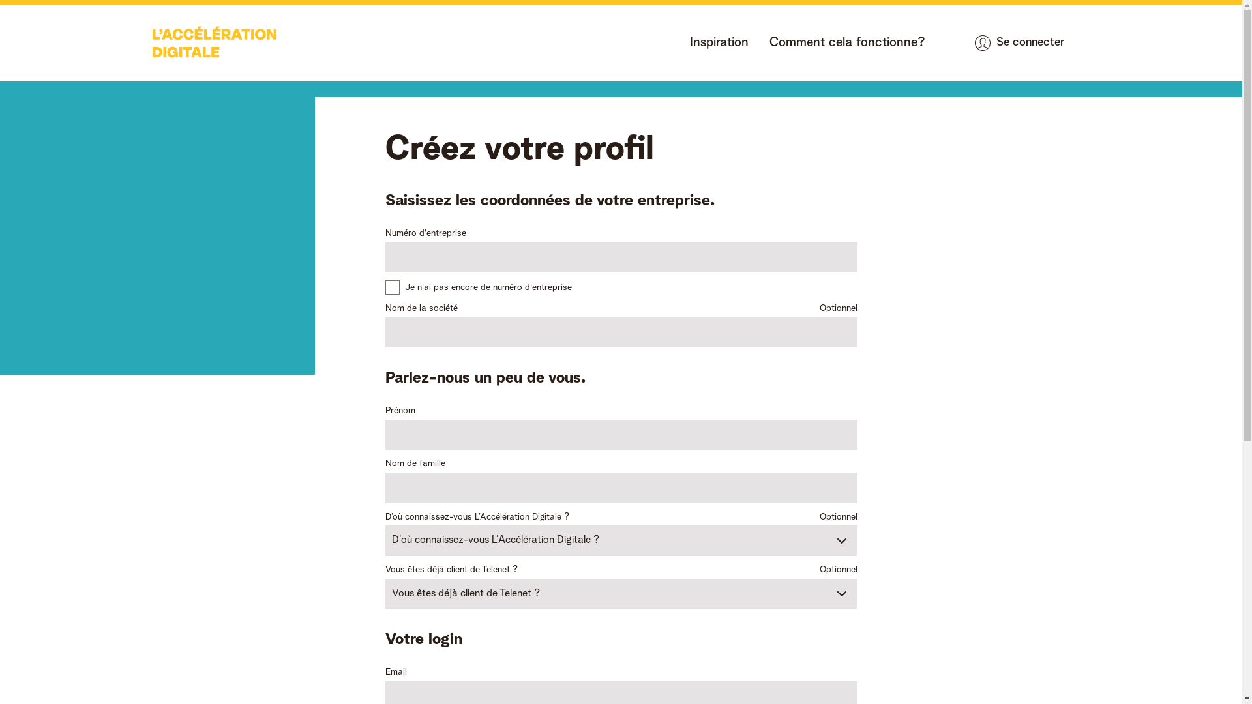  I want to click on 'Comment cela fonctionne?', so click(769, 42).